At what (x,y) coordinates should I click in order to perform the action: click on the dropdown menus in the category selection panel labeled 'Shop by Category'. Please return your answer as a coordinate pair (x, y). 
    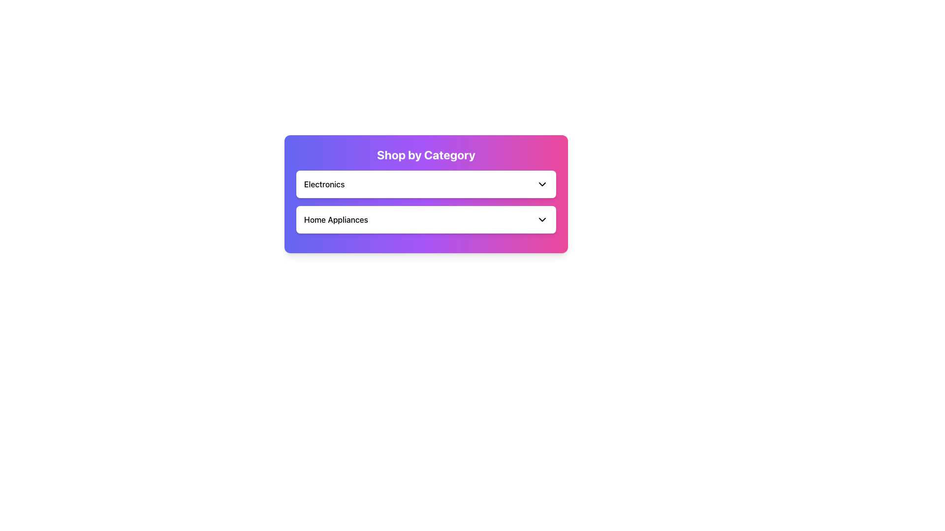
    Looking at the image, I should click on (426, 186).